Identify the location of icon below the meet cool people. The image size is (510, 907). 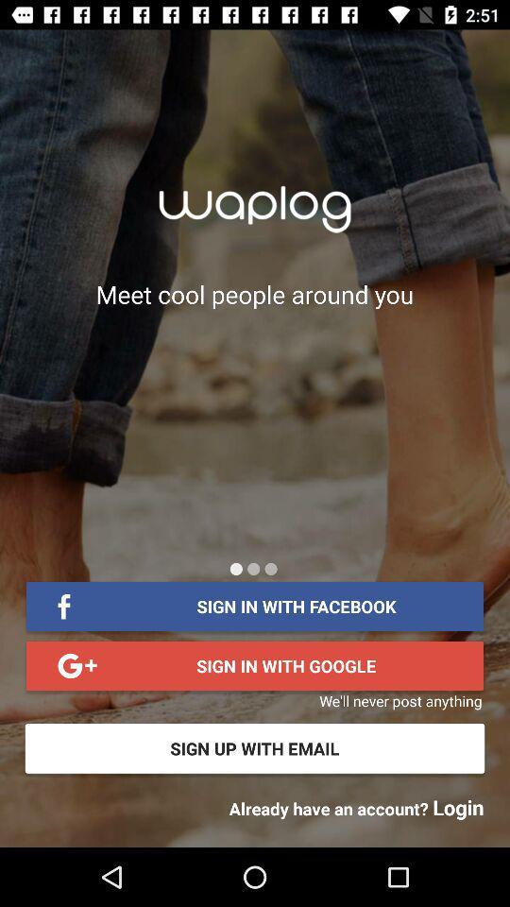
(236, 568).